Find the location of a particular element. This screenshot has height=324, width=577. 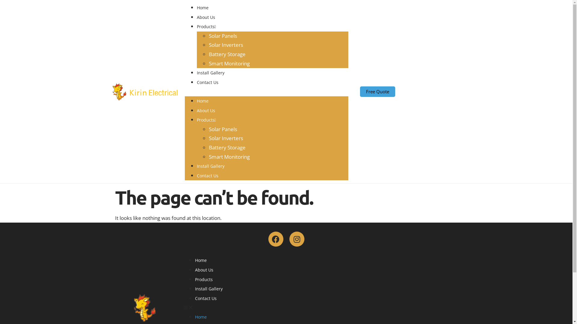

'Install Gallery' is located at coordinates (209, 288).